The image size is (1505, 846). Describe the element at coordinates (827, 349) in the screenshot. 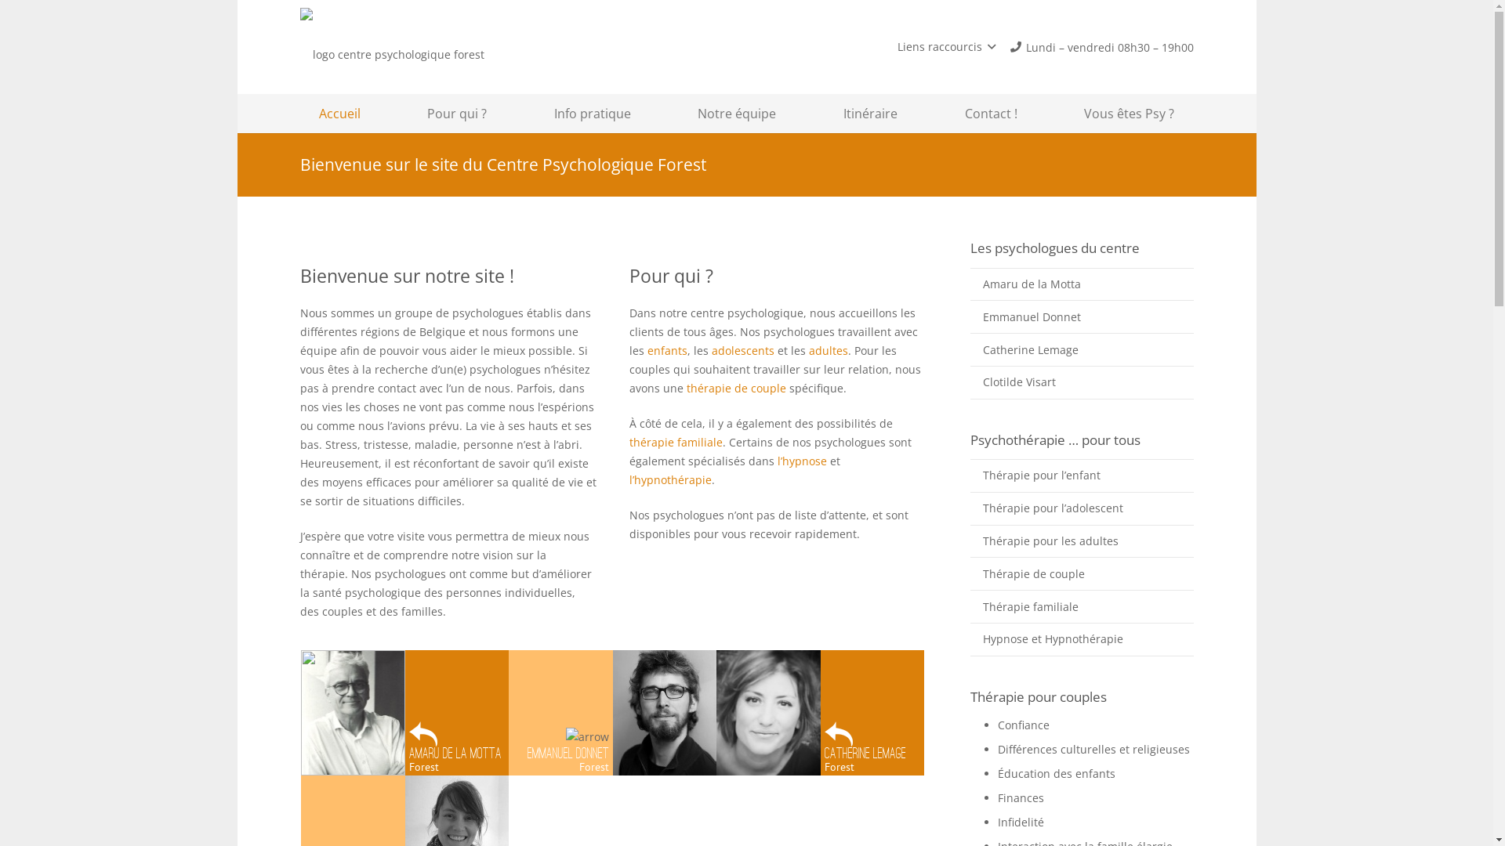

I see `'adultes'` at that location.